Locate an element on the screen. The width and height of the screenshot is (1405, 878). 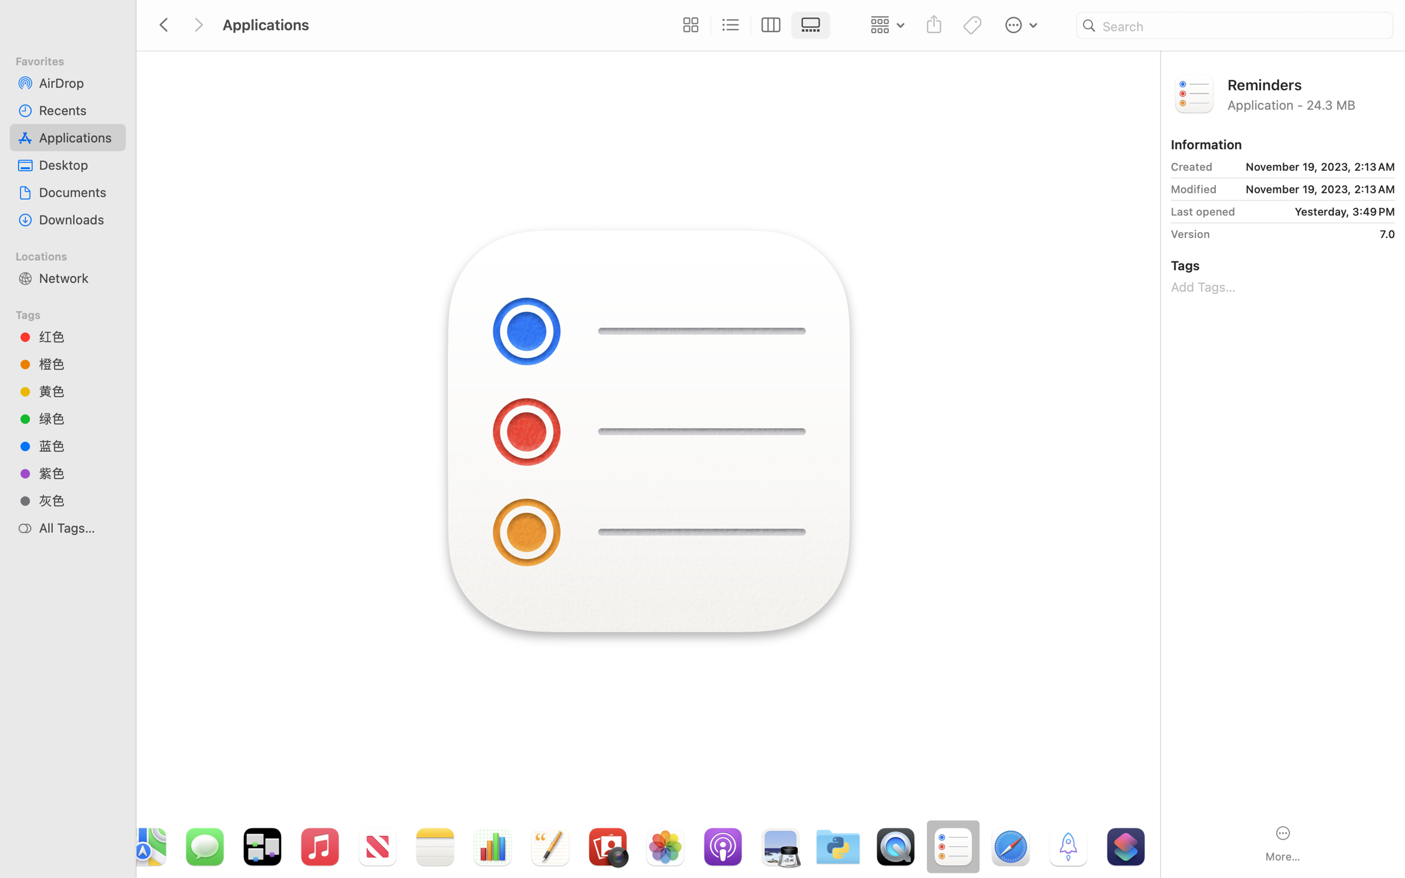
'Modified' is located at coordinates (1193, 189).